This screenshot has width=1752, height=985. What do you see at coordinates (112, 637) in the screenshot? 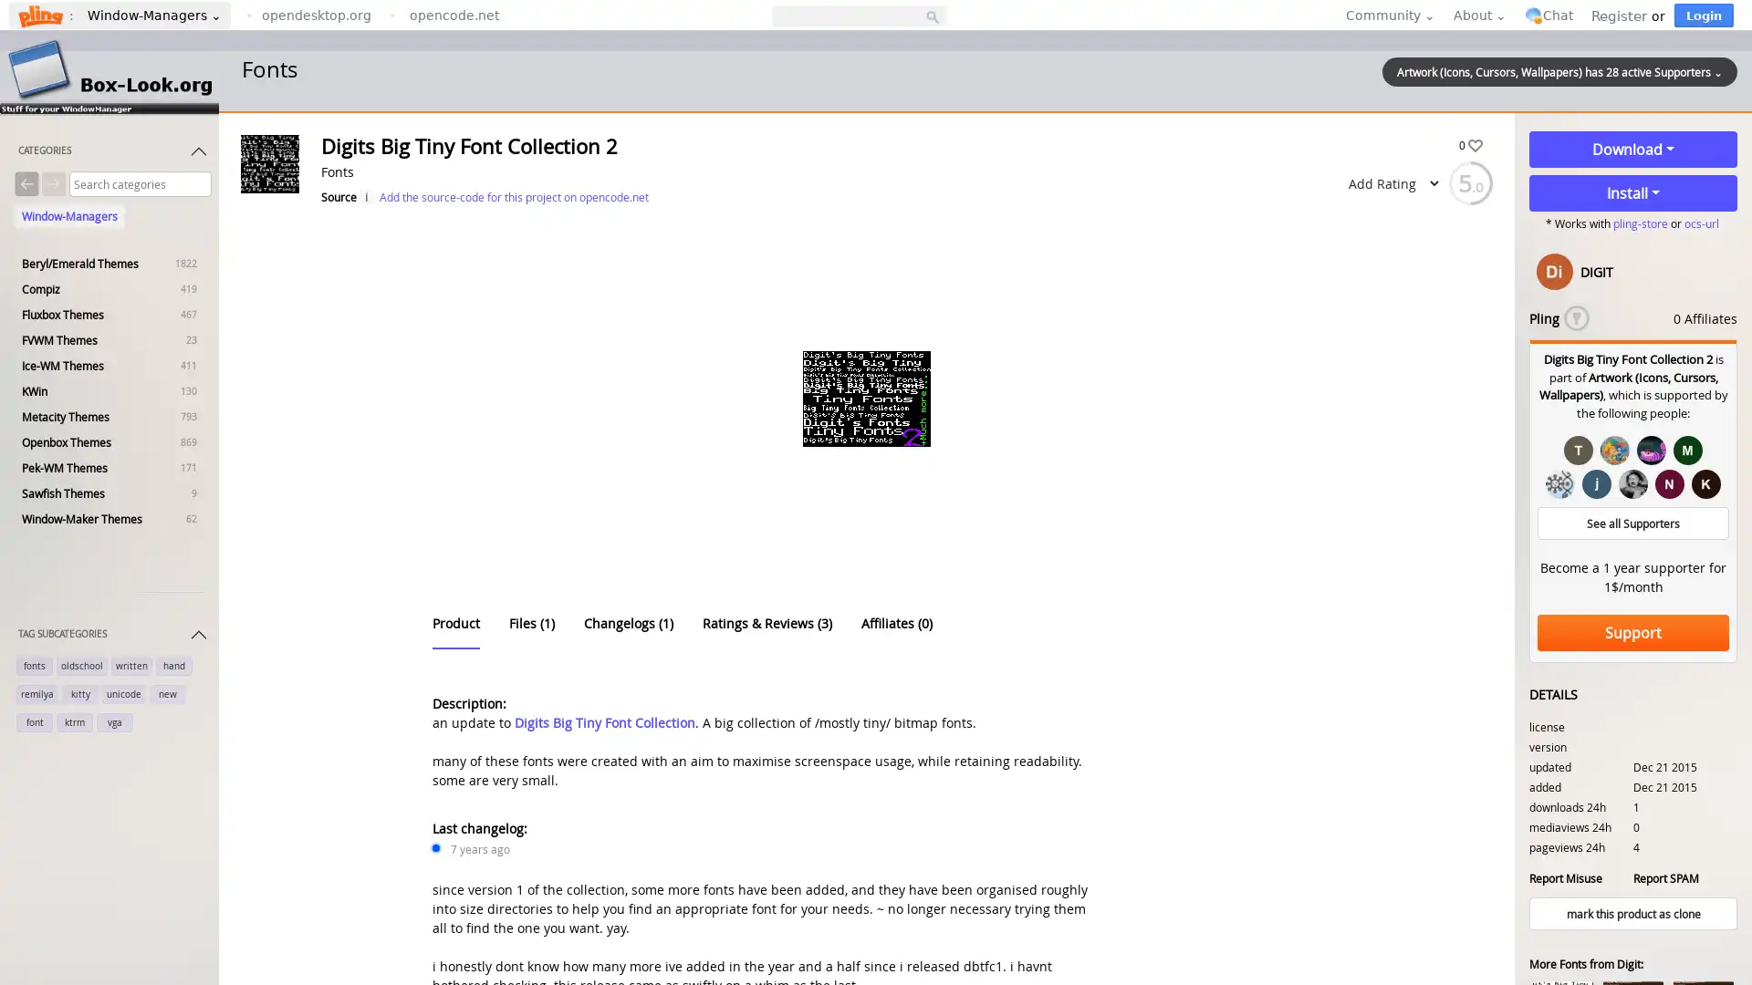
I see `TAG SUBCATEGORIES` at bounding box center [112, 637].